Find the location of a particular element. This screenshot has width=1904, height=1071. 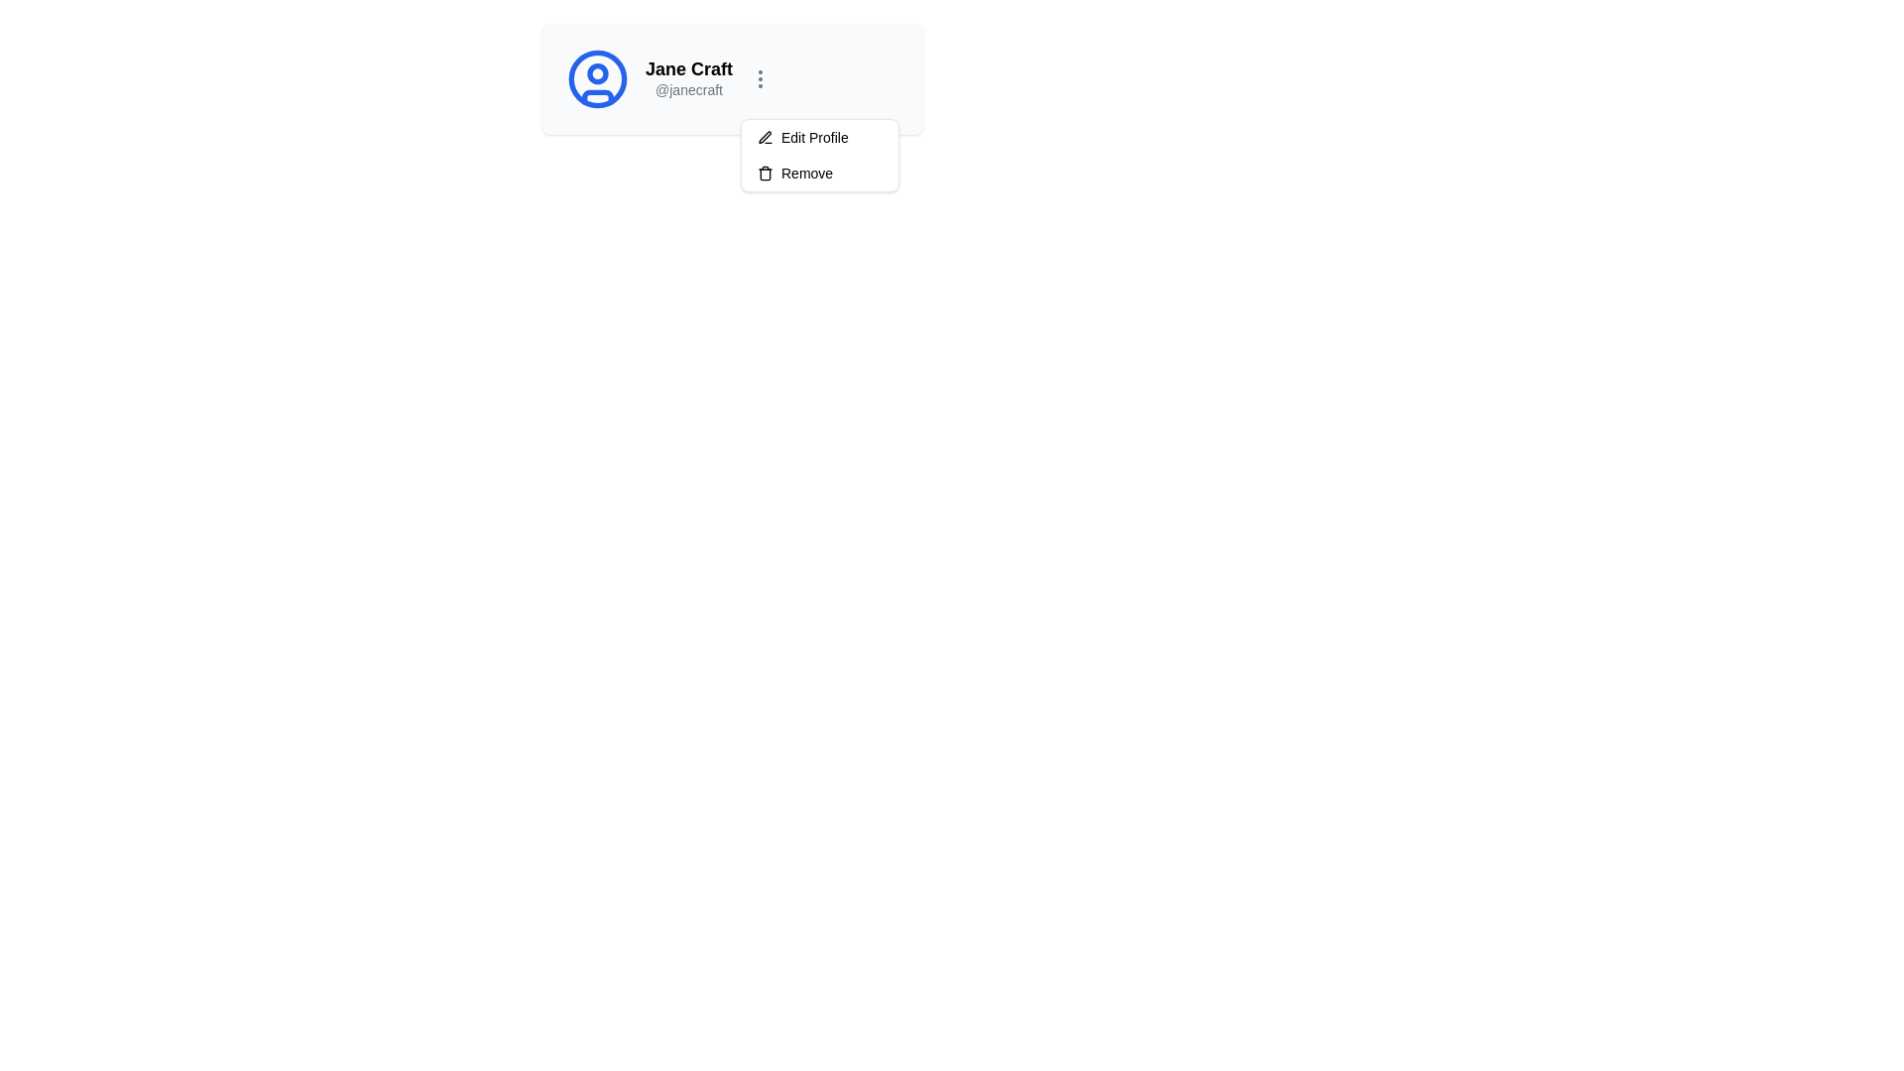

the profile edit button using the keyboard for accessibility is located at coordinates (819, 136).